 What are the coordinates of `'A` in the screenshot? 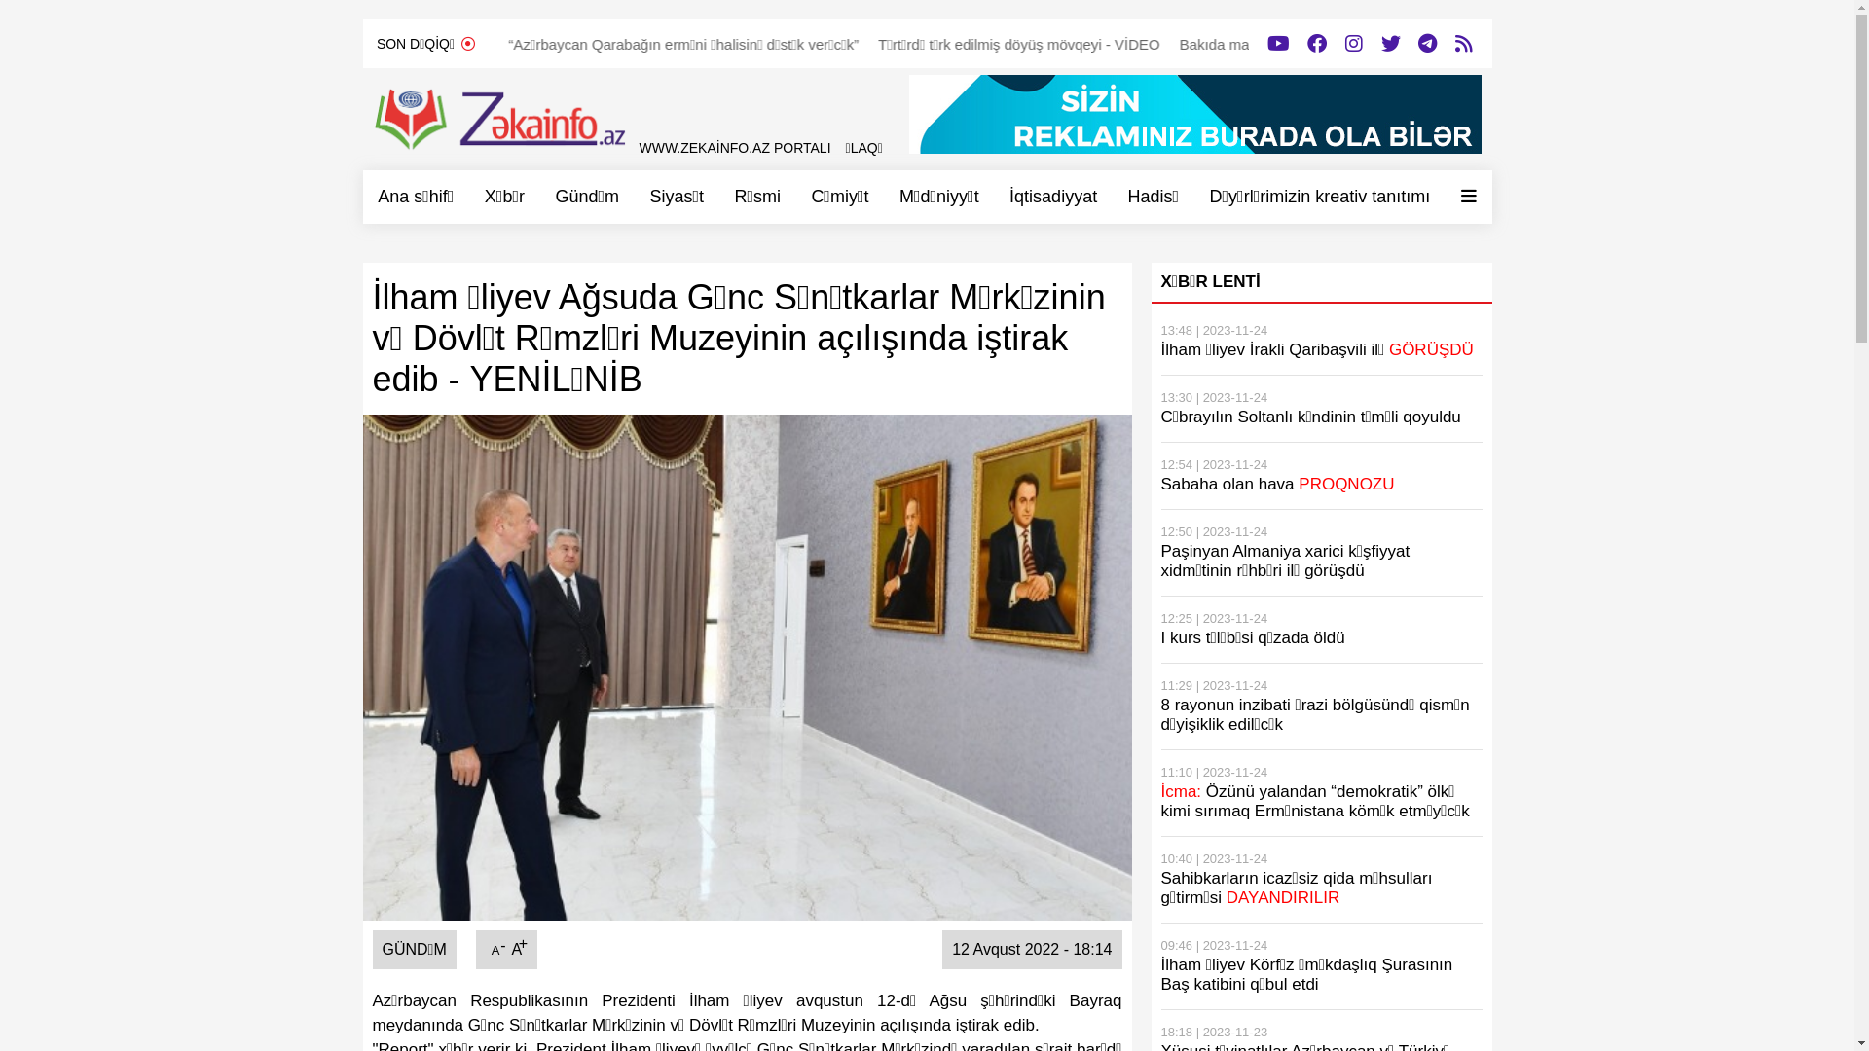 It's located at (495, 949).